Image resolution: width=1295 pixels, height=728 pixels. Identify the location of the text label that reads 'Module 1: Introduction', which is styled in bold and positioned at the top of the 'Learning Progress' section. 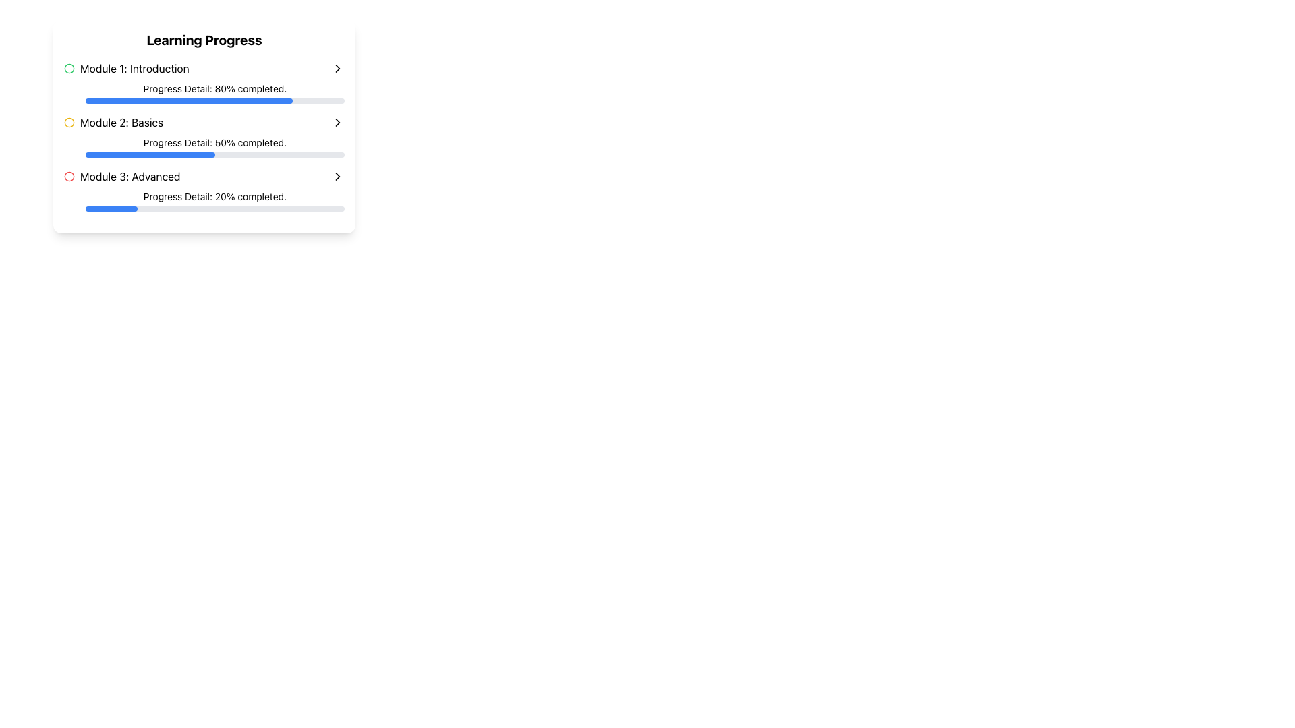
(126, 68).